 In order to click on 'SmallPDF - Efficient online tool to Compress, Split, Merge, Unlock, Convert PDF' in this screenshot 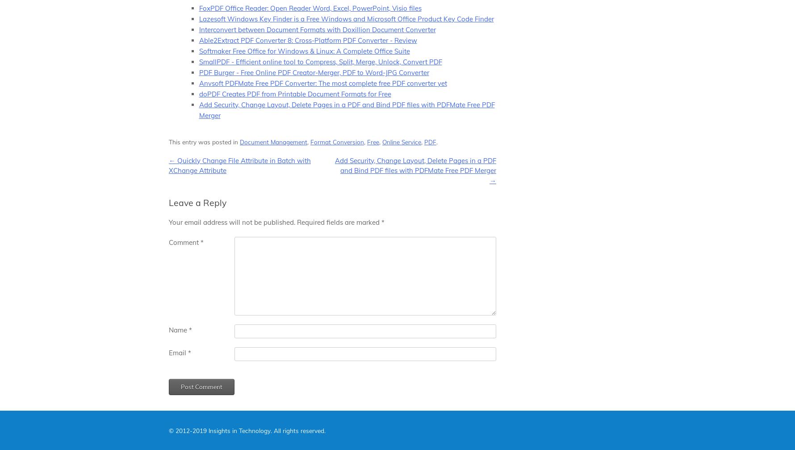, I will do `click(199, 61)`.